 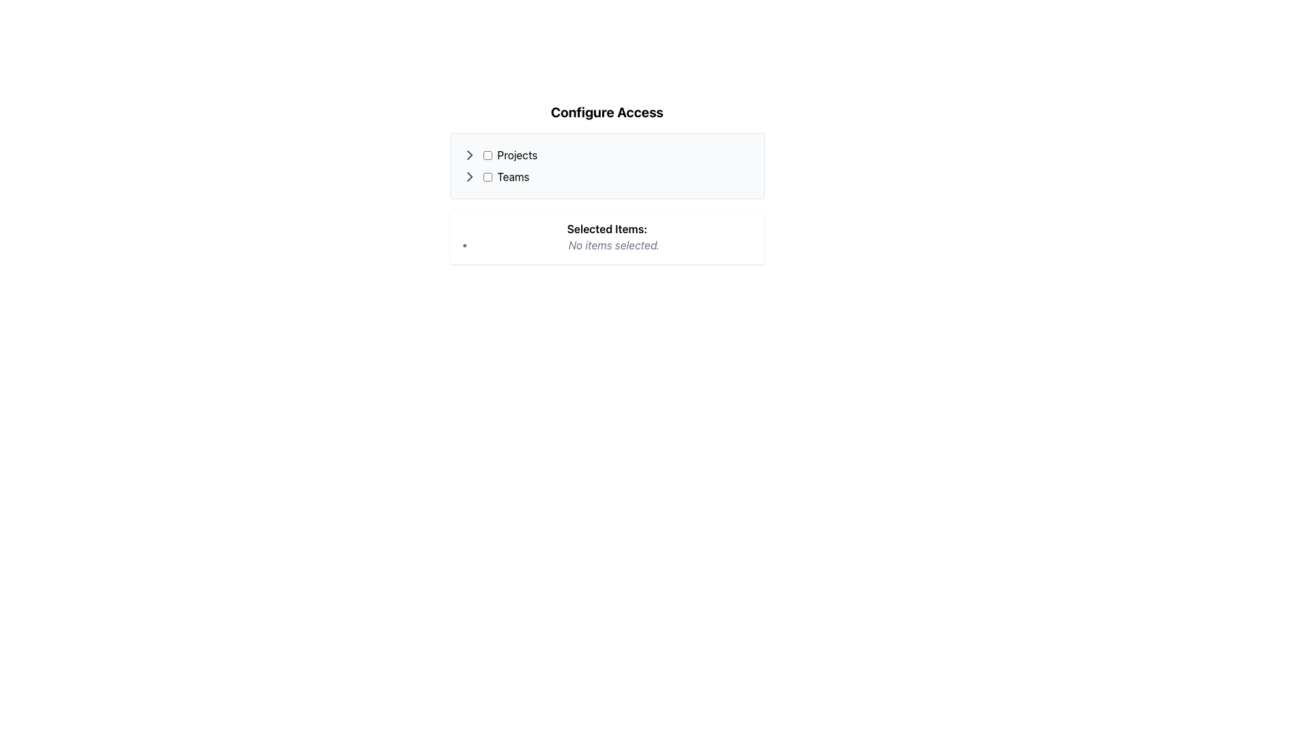 What do you see at coordinates (469, 176) in the screenshot?
I see `the small gray icon button resembling a right-facing chevron in the 'Teams' list item` at bounding box center [469, 176].